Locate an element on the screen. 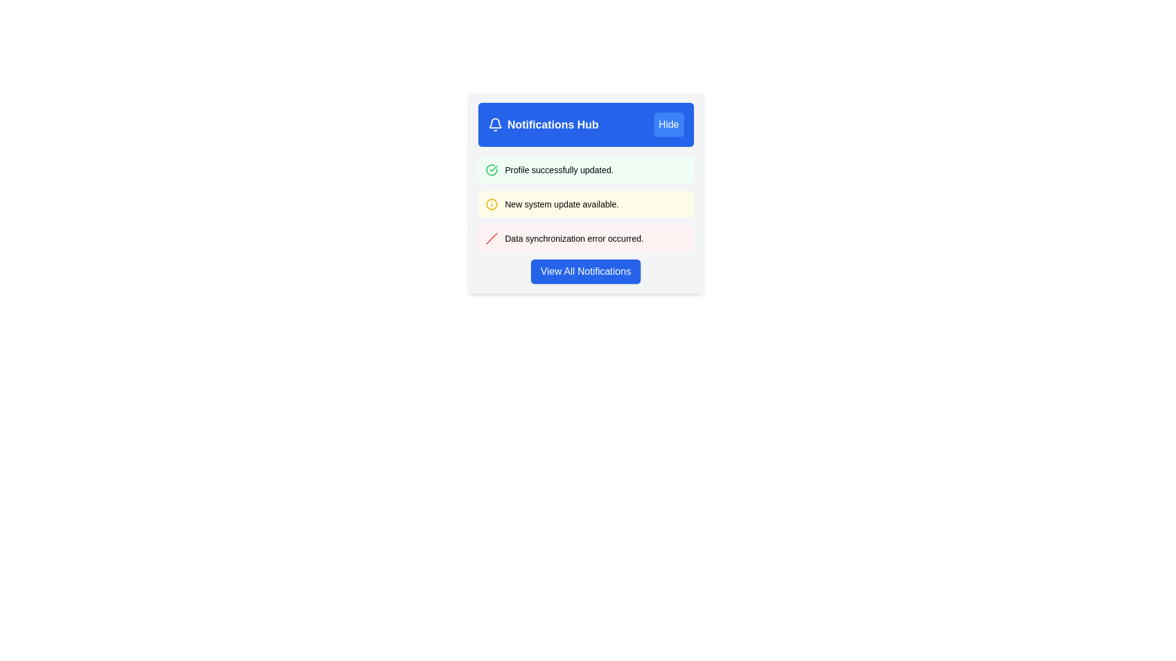 The width and height of the screenshot is (1176, 661). the rectangular button with a blue background and white text that reads 'View All Notifications' located at the bottom of the notification panel is located at coordinates (585, 271).